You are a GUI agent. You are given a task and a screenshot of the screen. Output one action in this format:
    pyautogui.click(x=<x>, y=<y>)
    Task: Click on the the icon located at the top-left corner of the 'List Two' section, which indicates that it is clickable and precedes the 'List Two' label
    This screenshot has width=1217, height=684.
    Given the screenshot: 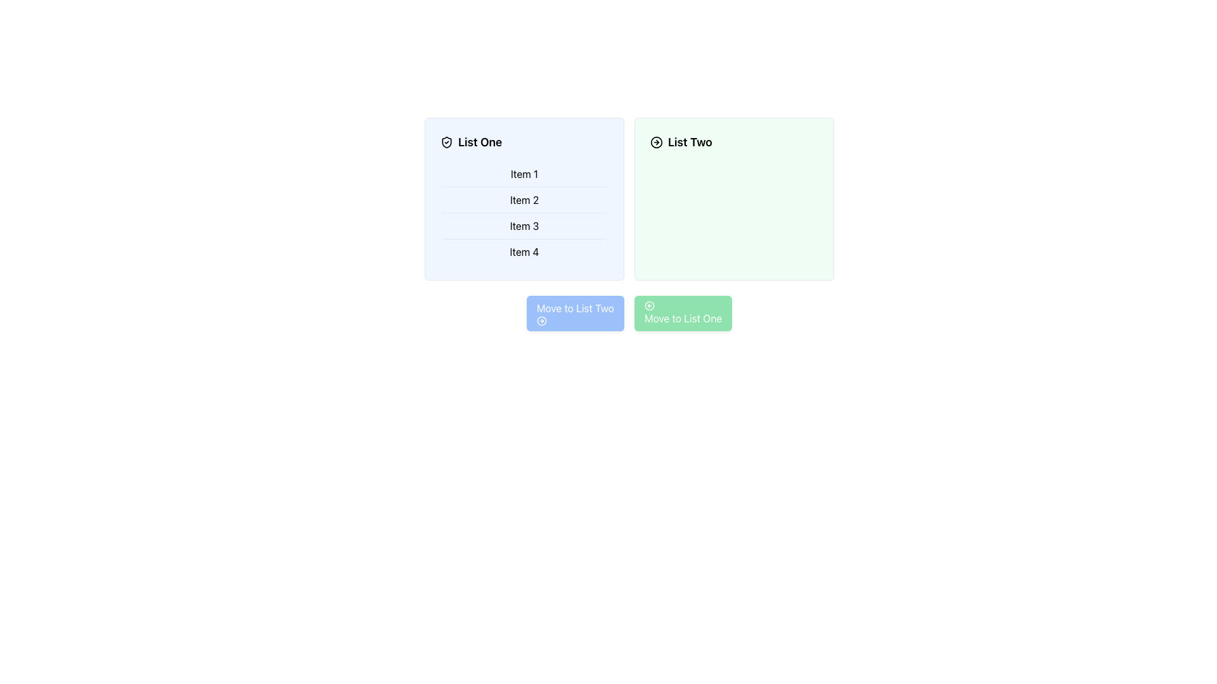 What is the action you would take?
    pyautogui.click(x=657, y=142)
    